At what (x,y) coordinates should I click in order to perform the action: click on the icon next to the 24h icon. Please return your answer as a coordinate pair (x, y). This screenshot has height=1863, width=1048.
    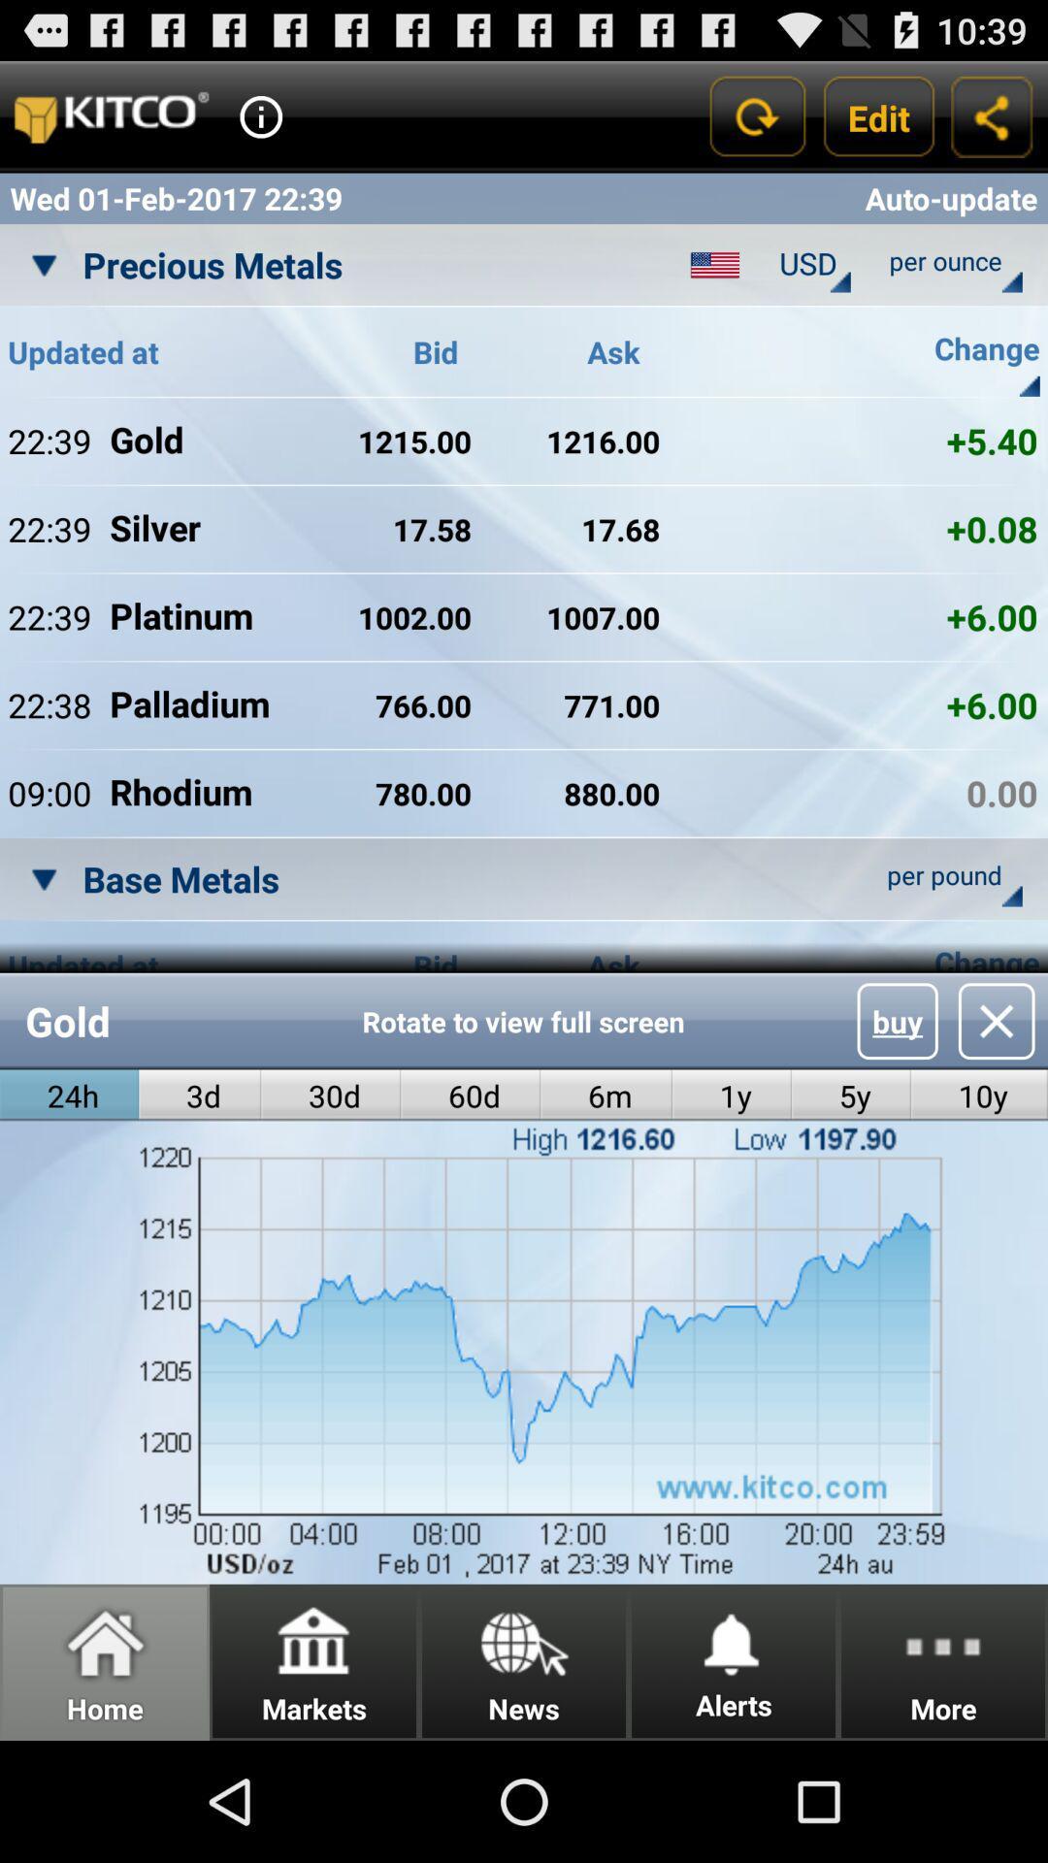
    Looking at the image, I should click on (200, 1095).